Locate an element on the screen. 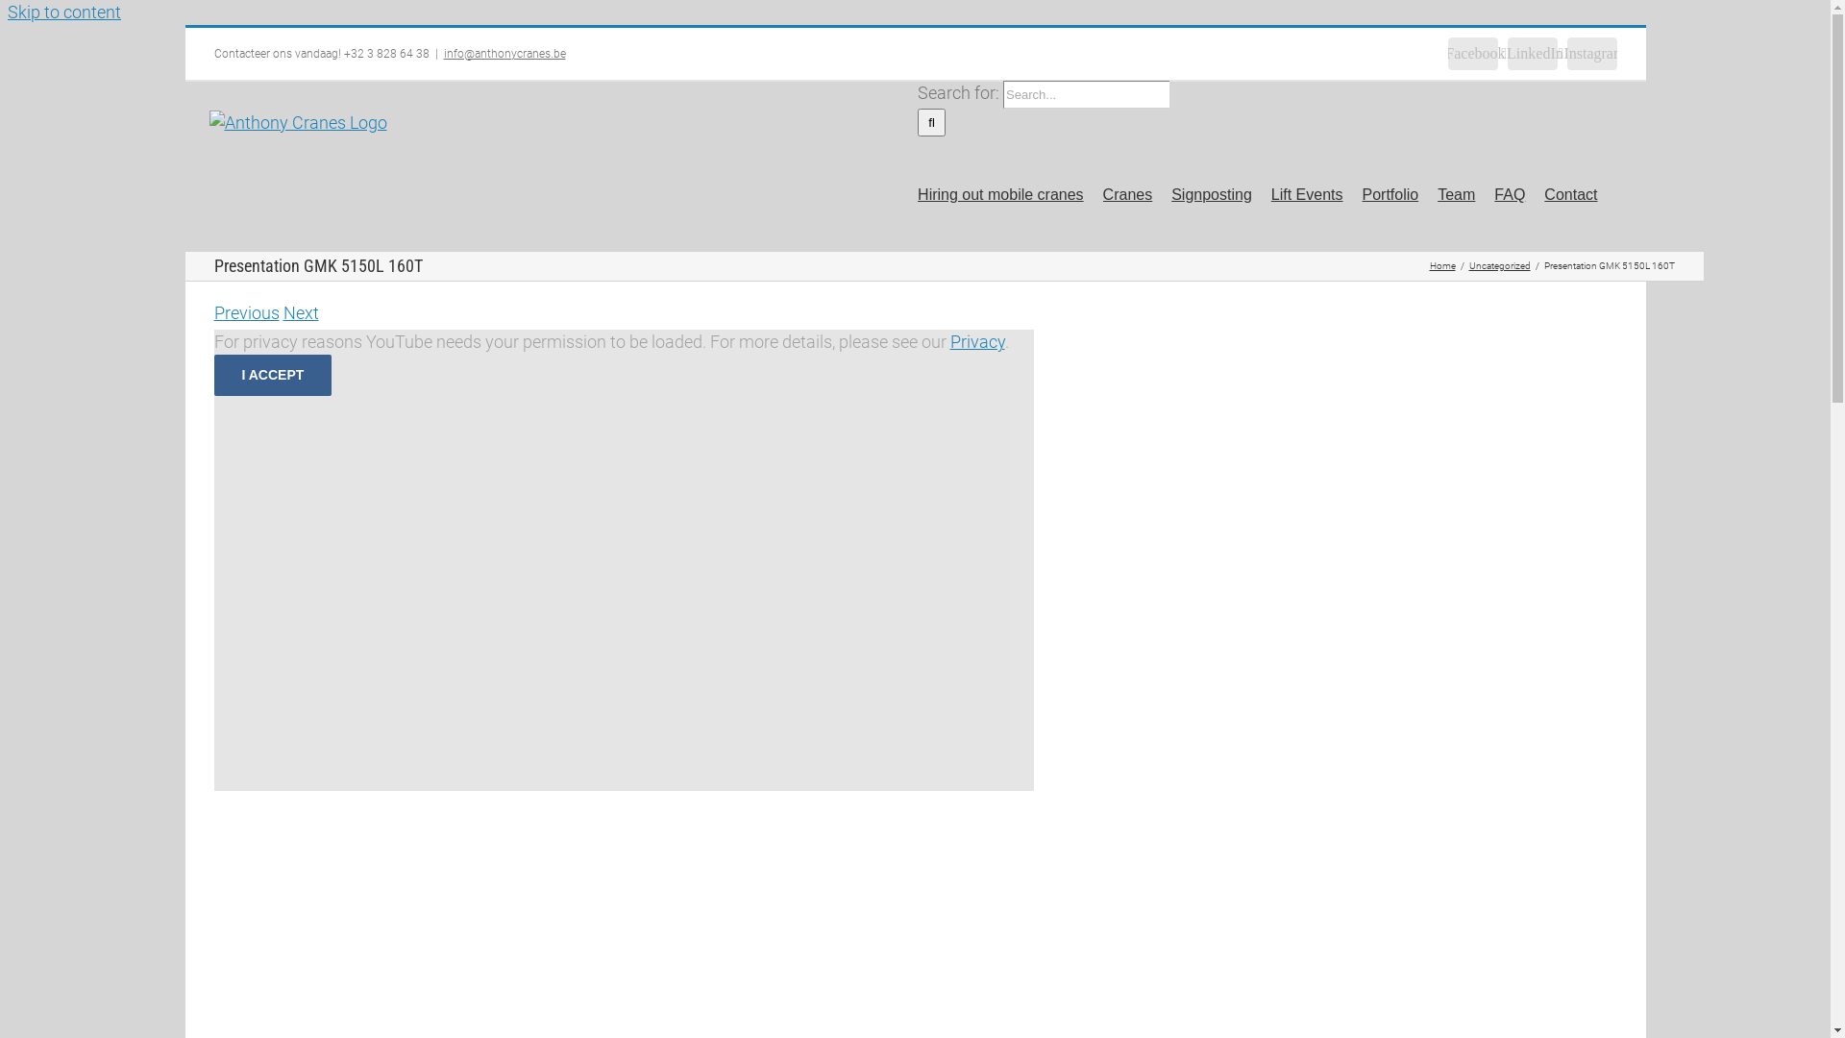  'Portfolio' is located at coordinates (1390, 193).